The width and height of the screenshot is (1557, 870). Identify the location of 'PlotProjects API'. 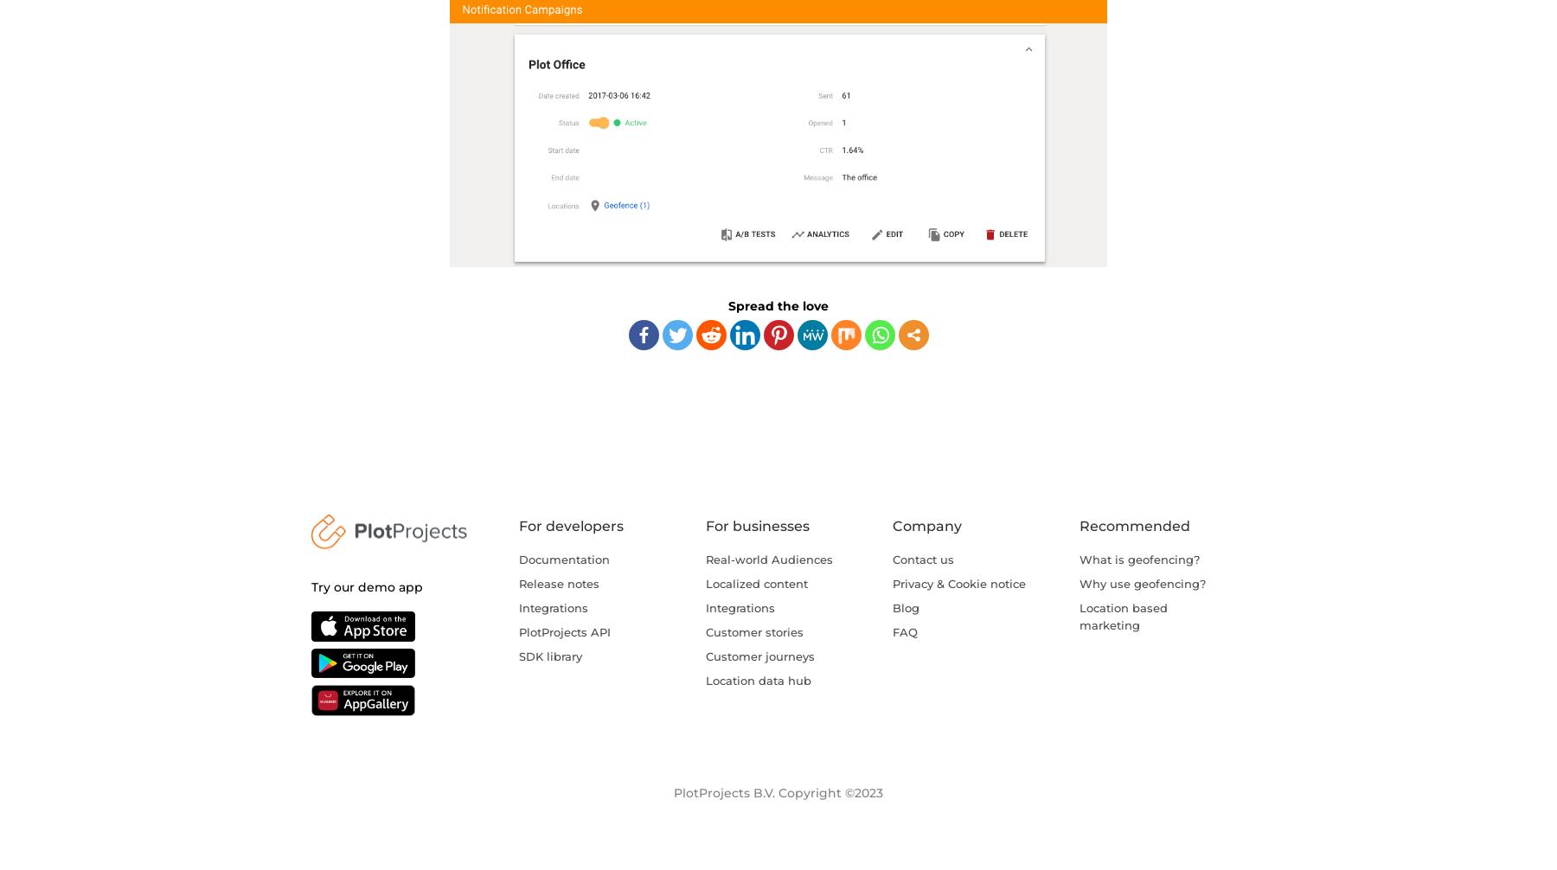
(565, 630).